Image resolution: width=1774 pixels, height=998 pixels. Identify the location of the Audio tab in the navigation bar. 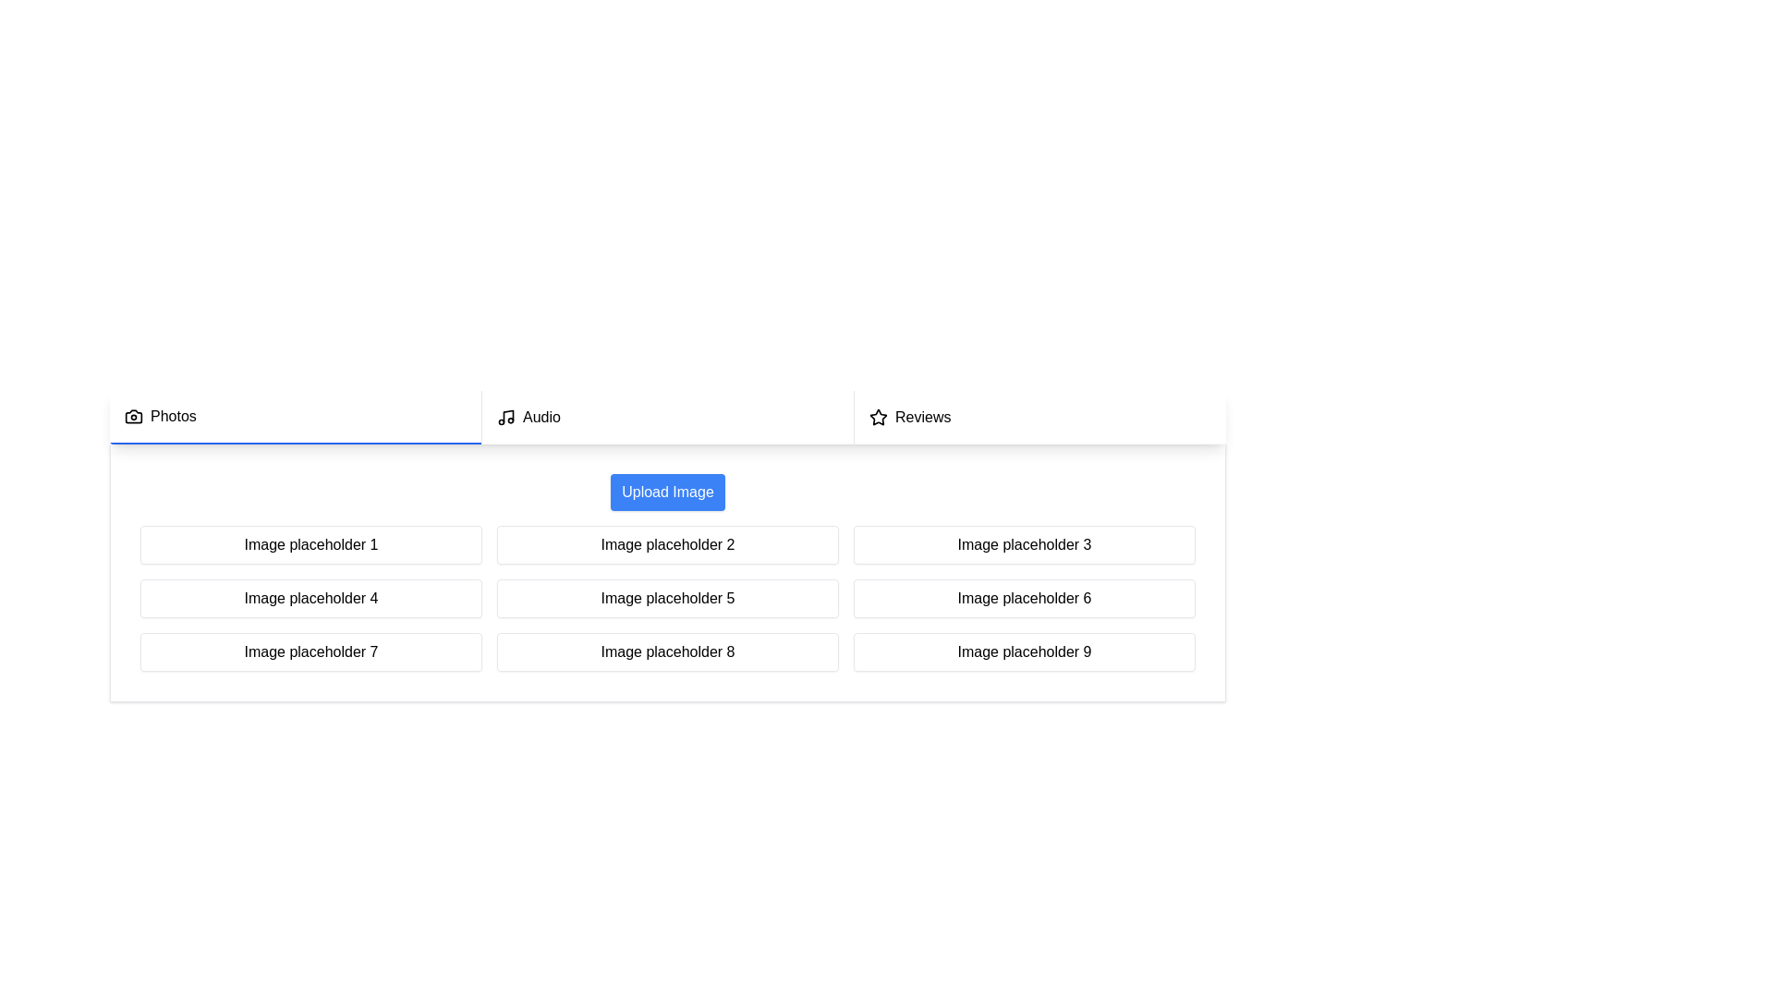
(666, 417).